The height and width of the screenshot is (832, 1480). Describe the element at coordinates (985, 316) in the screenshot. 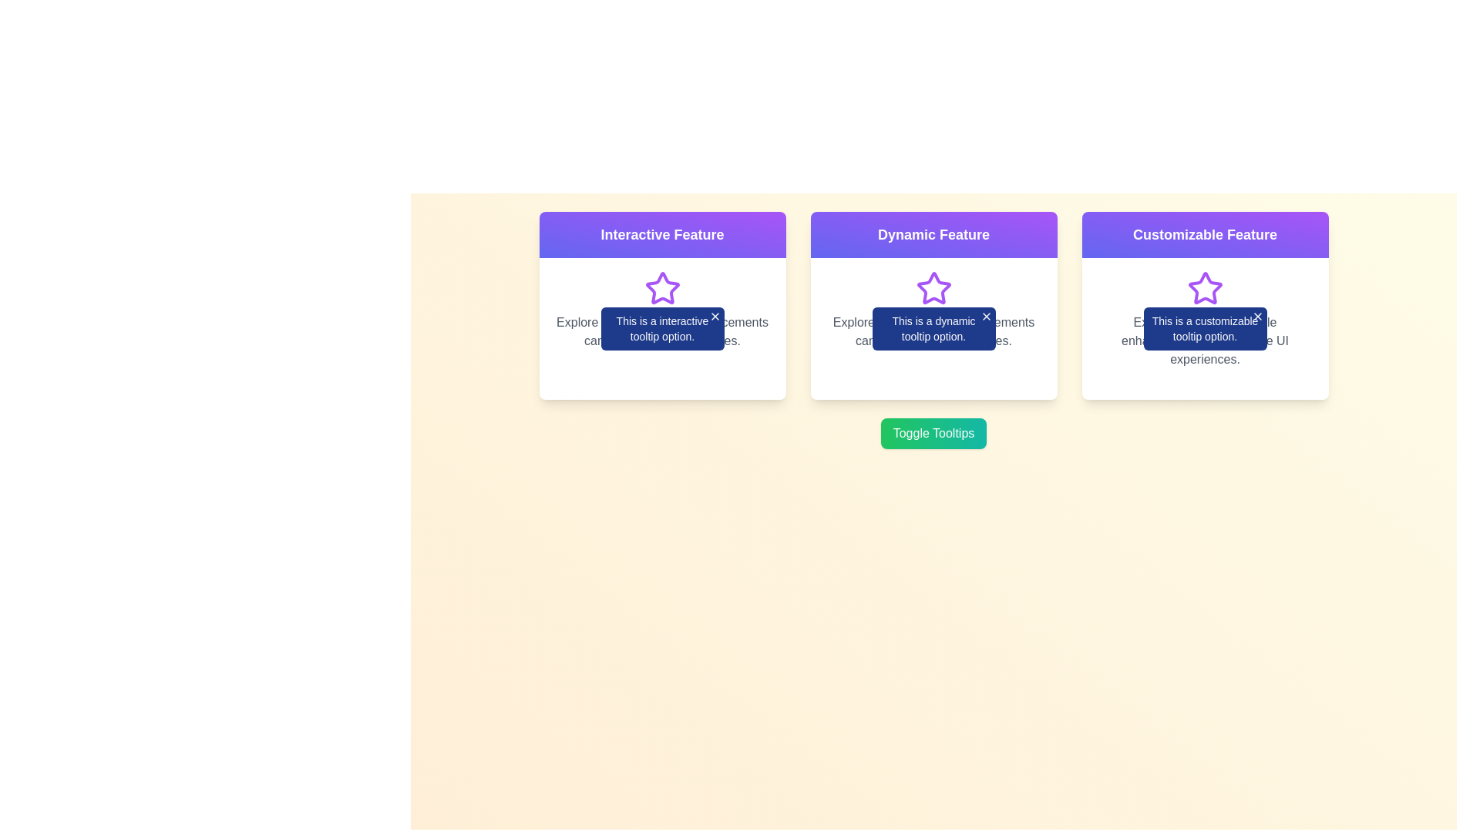

I see `the close button 'X' icon in the upper-right corner of the blue tooltip box` at that location.